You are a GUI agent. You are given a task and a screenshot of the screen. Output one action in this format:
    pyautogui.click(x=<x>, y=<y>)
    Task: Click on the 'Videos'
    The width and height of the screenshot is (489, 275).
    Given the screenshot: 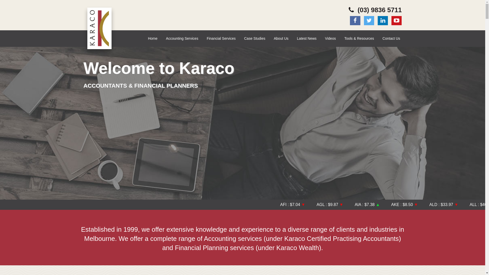 What is the action you would take?
    pyautogui.click(x=323, y=38)
    